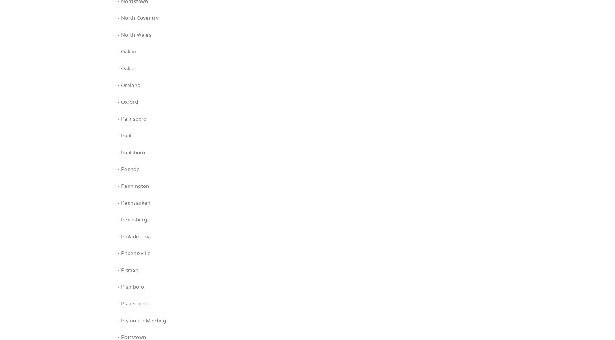 The image size is (615, 340). What do you see at coordinates (128, 270) in the screenshot?
I see `'· Pitman'` at bounding box center [128, 270].